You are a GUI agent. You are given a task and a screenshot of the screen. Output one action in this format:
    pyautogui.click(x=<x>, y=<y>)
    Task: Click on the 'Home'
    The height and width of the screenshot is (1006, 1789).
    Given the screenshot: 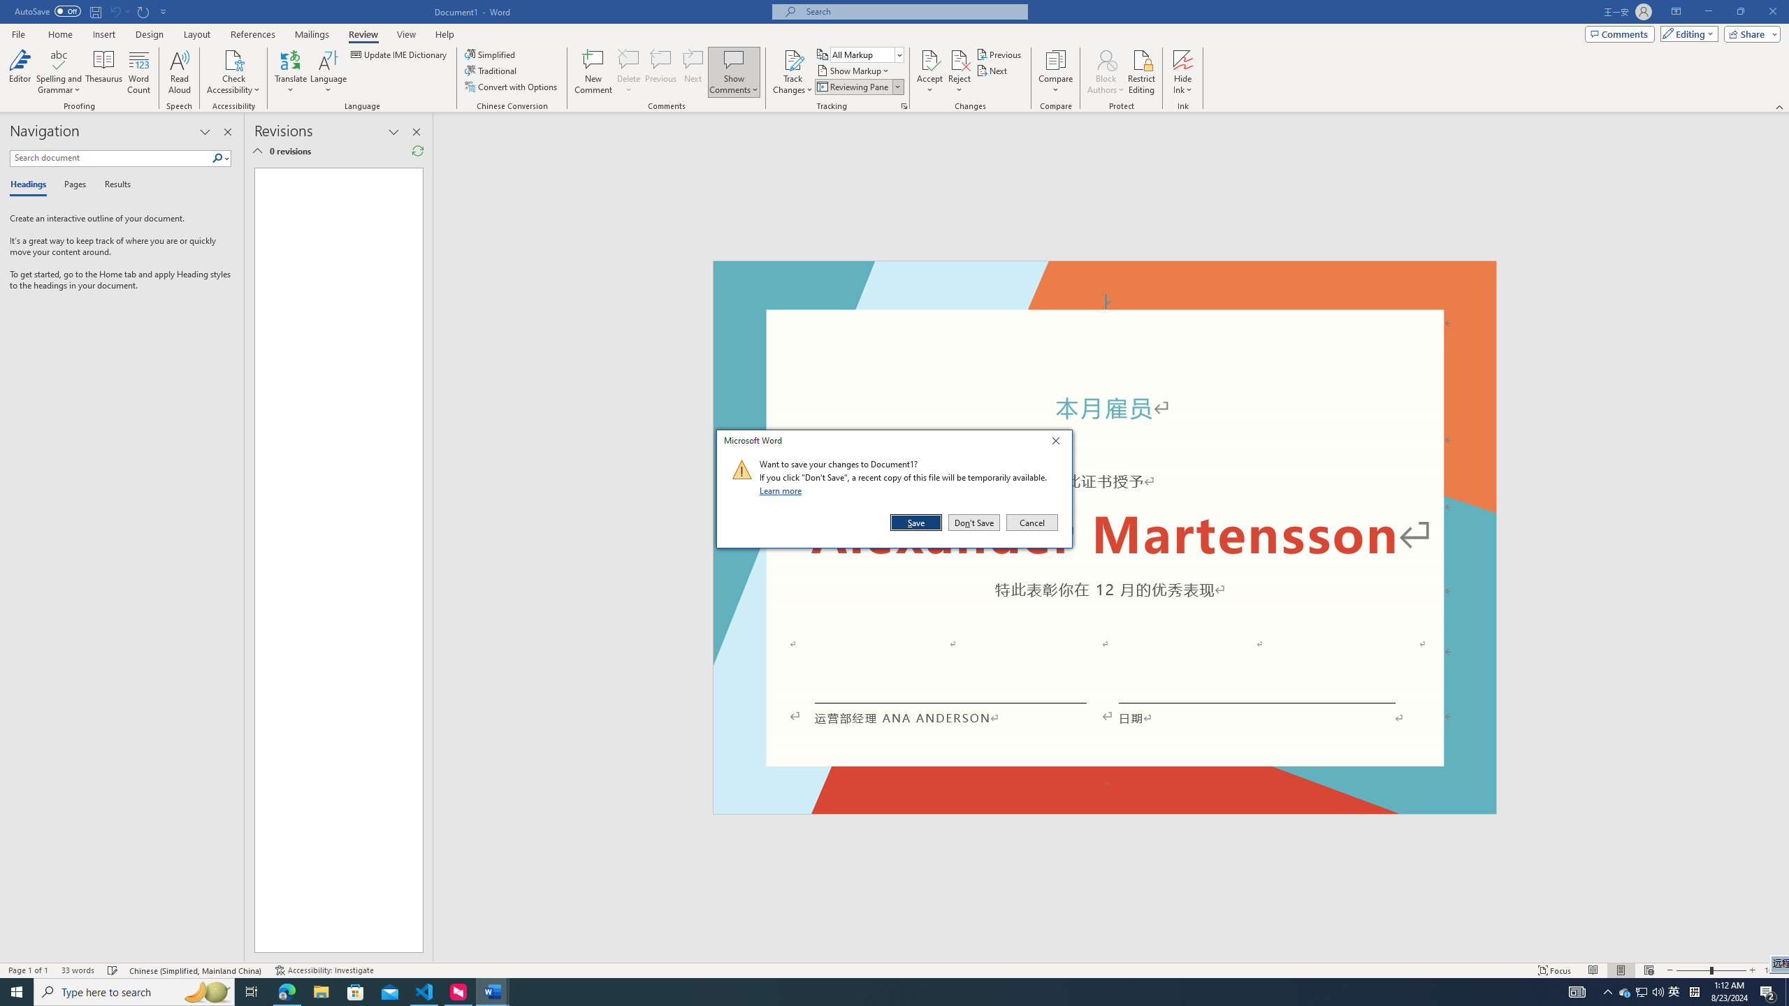 What is the action you would take?
    pyautogui.click(x=59, y=34)
    